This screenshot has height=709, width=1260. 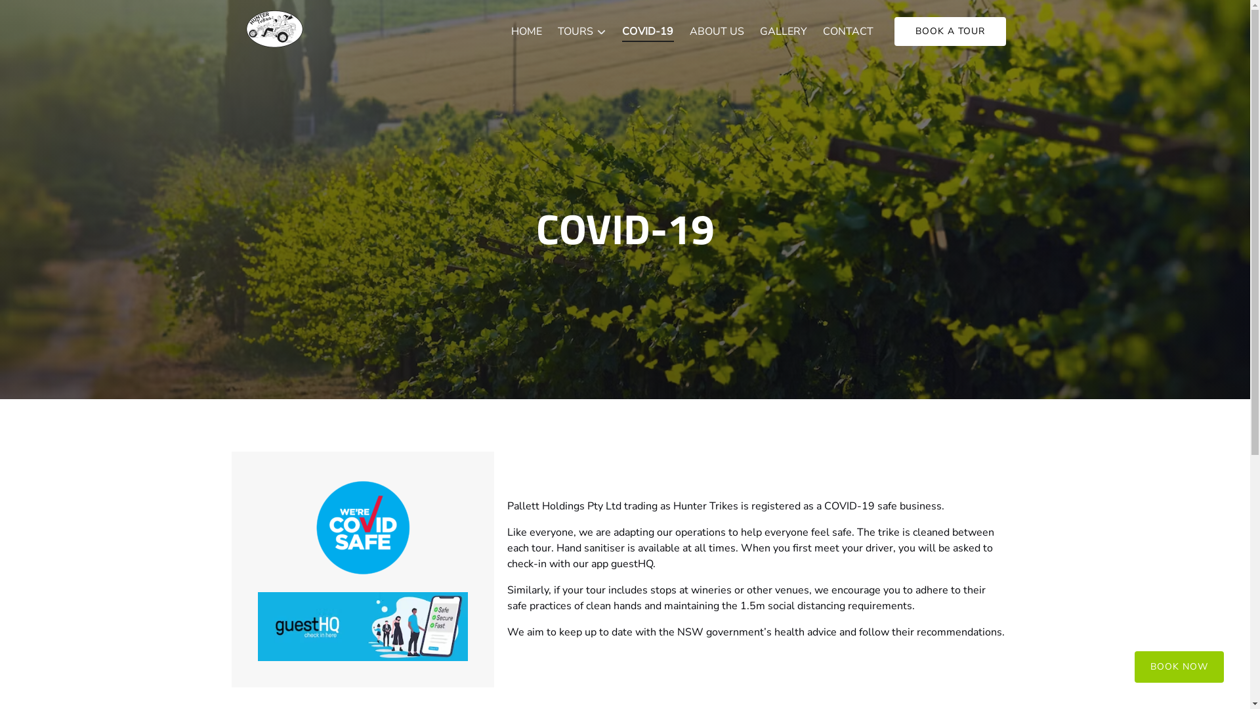 What do you see at coordinates (1179, 658) in the screenshot?
I see `'BOOK NOW'` at bounding box center [1179, 658].